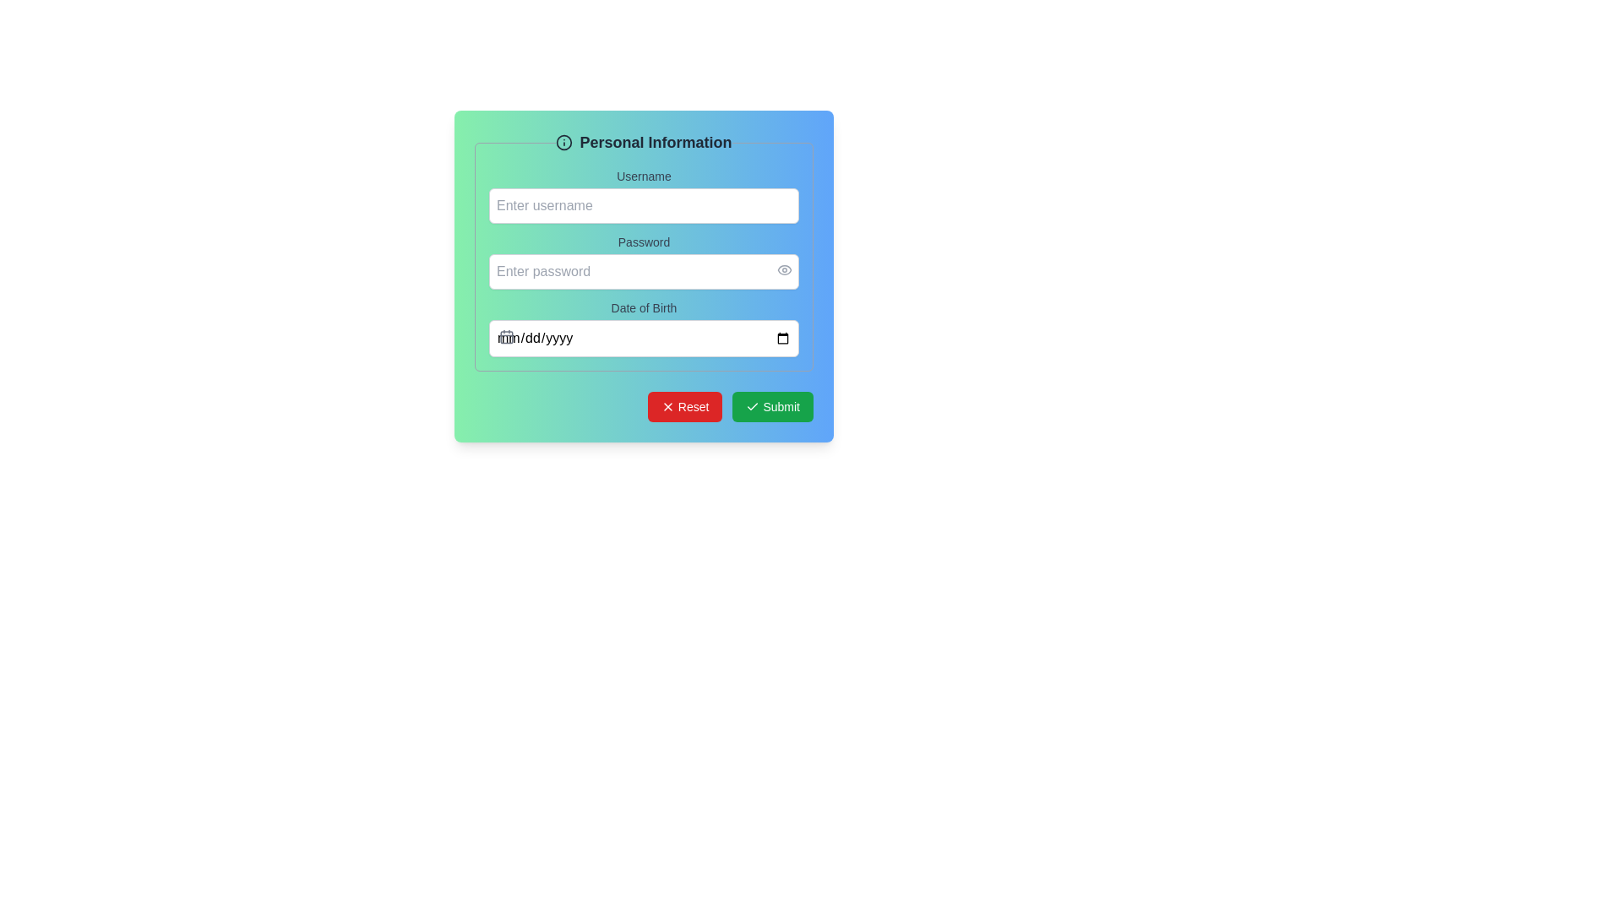 The image size is (1622, 912). What do you see at coordinates (772, 407) in the screenshot?
I see `the green 'Submit' button with white text and a checkmark icon` at bounding box center [772, 407].